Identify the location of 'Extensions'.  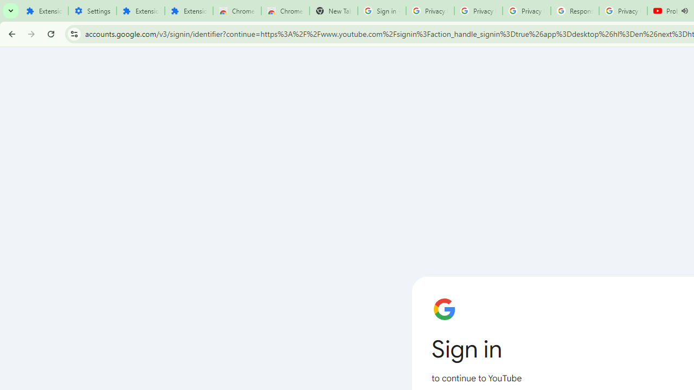
(140, 11).